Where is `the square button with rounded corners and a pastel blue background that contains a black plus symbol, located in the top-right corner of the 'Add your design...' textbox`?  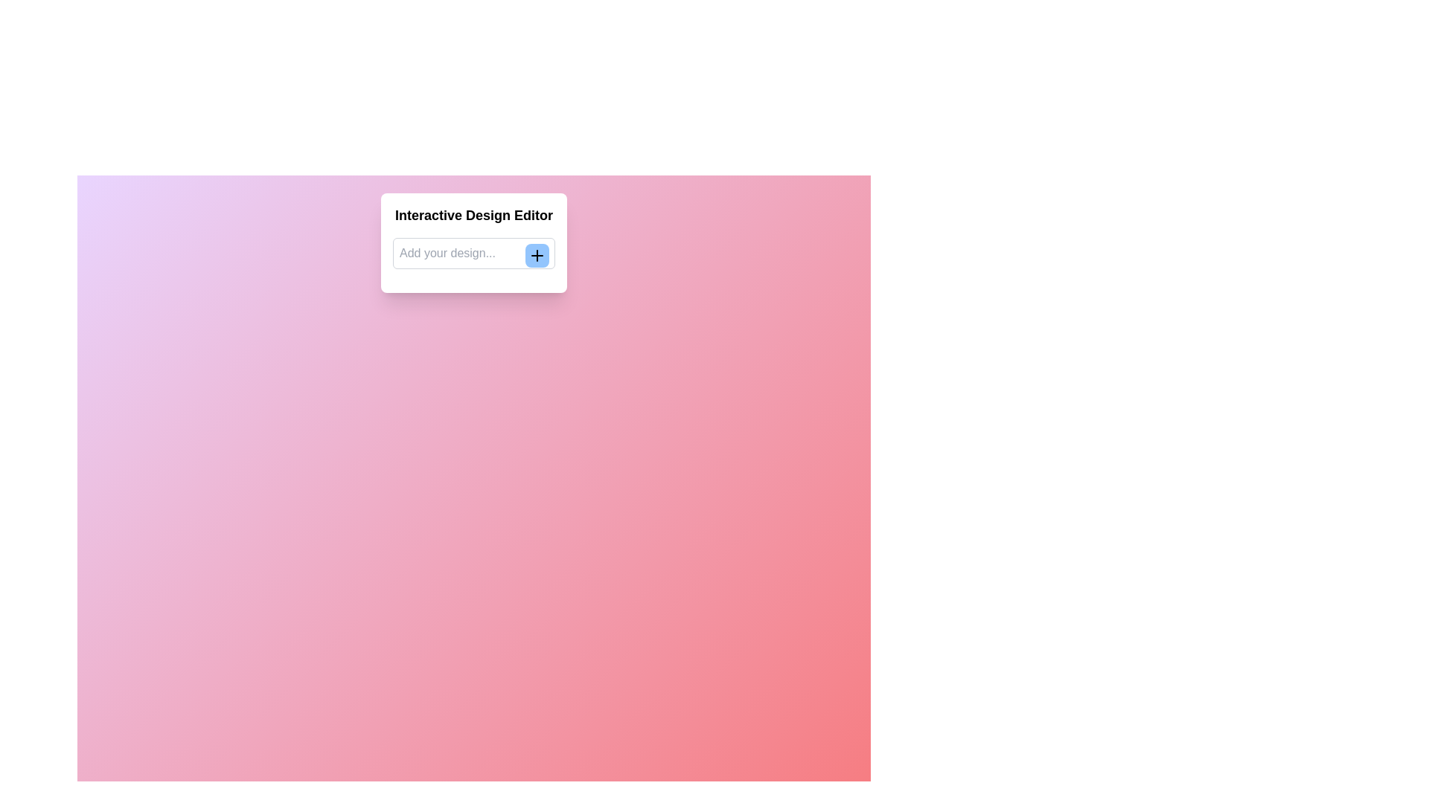
the square button with rounded corners and a pastel blue background that contains a black plus symbol, located in the top-right corner of the 'Add your design...' textbox is located at coordinates (536, 254).